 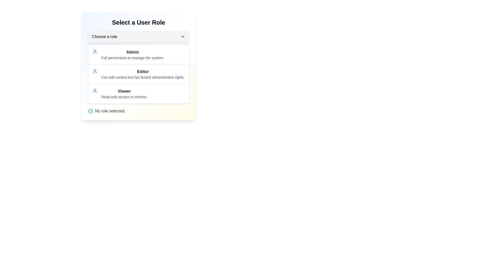 I want to click on the descriptive text explaining the permissions associated with the 'Editor' role, located beneath the bolded 'Editor' label in the middle option of the user role selection menu, so click(x=143, y=77).